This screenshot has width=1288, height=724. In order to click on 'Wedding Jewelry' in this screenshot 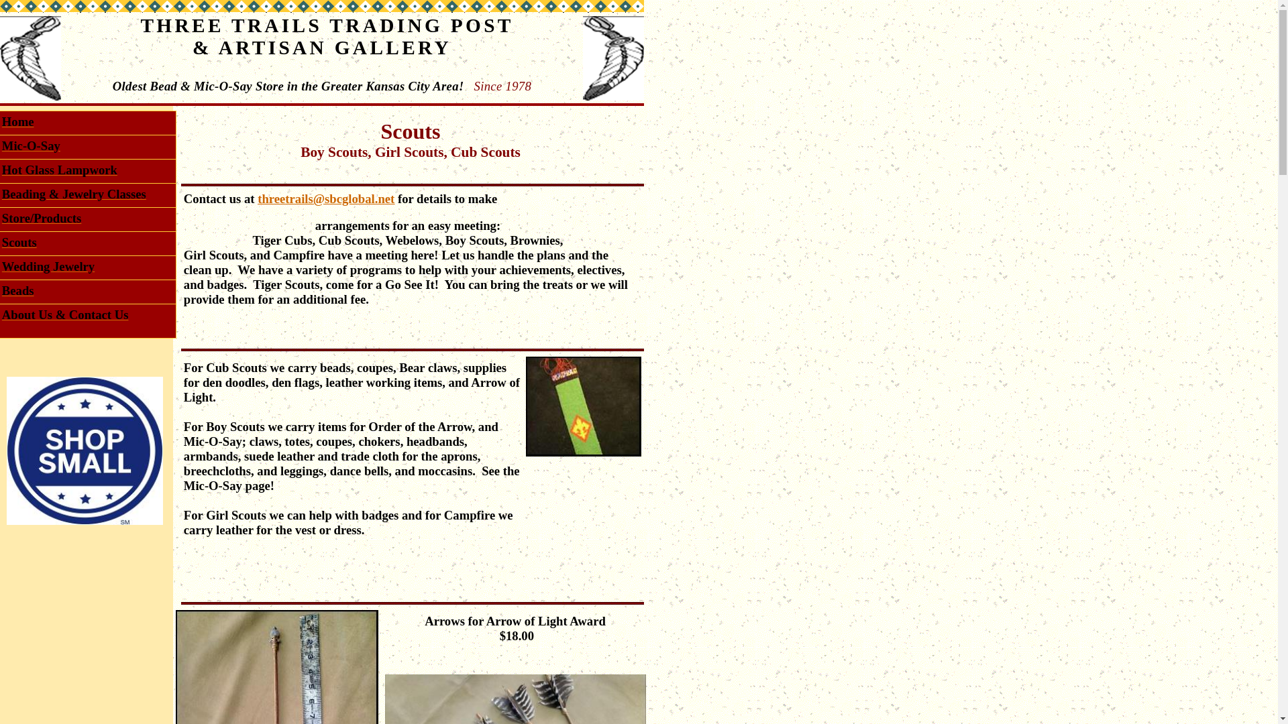, I will do `click(48, 267)`.